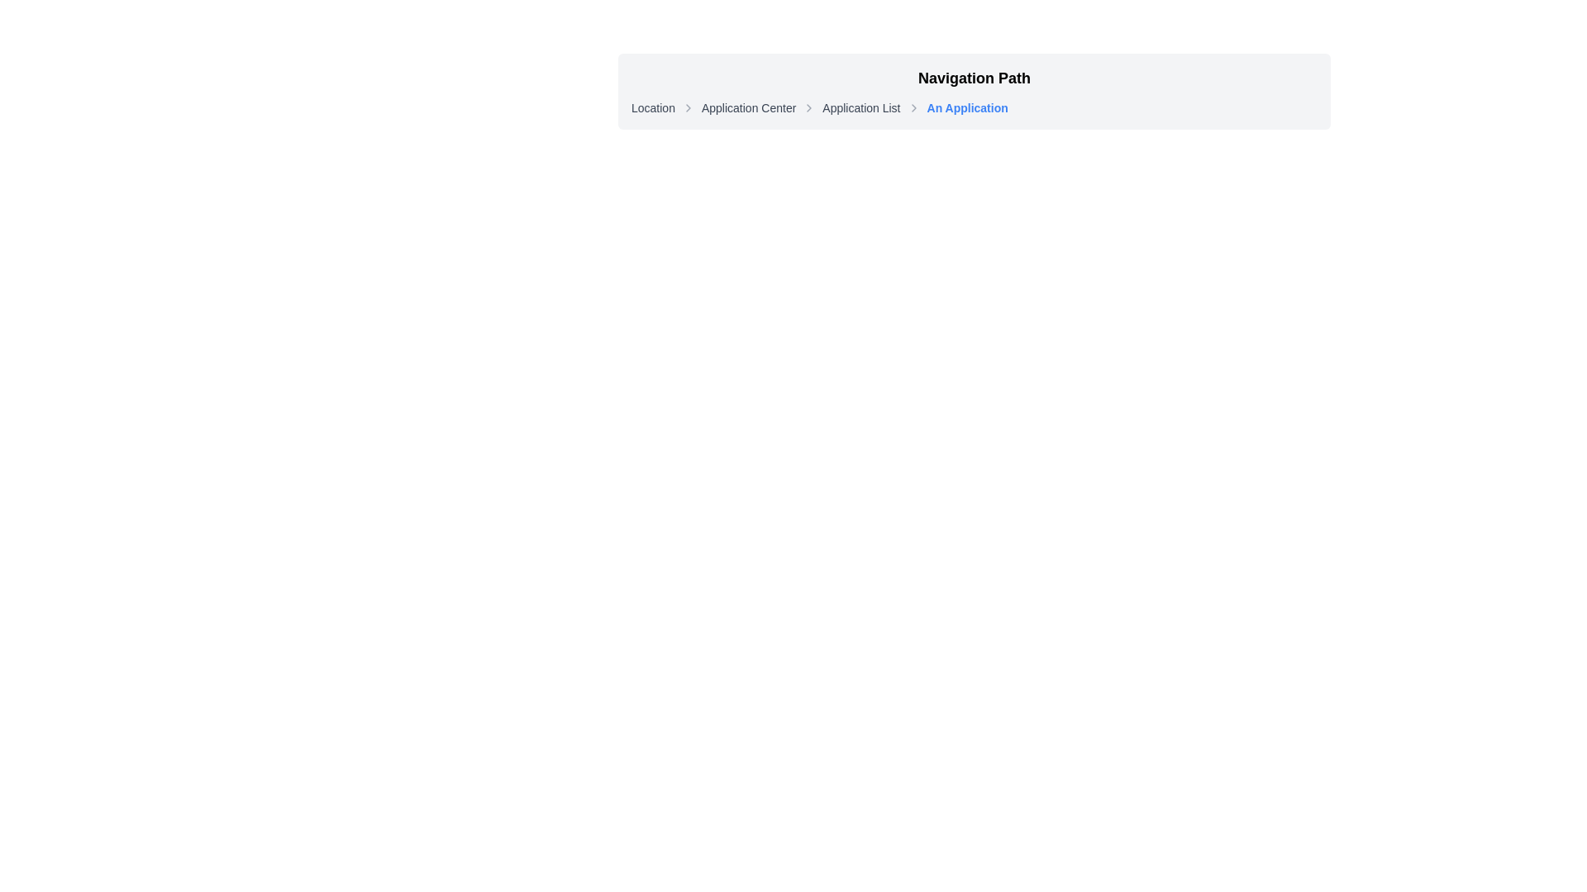  What do you see at coordinates (809, 108) in the screenshot?
I see `the second right-facing chevron icon in the breadcrumb navigation, located between 'Application Center' and 'Application List'` at bounding box center [809, 108].